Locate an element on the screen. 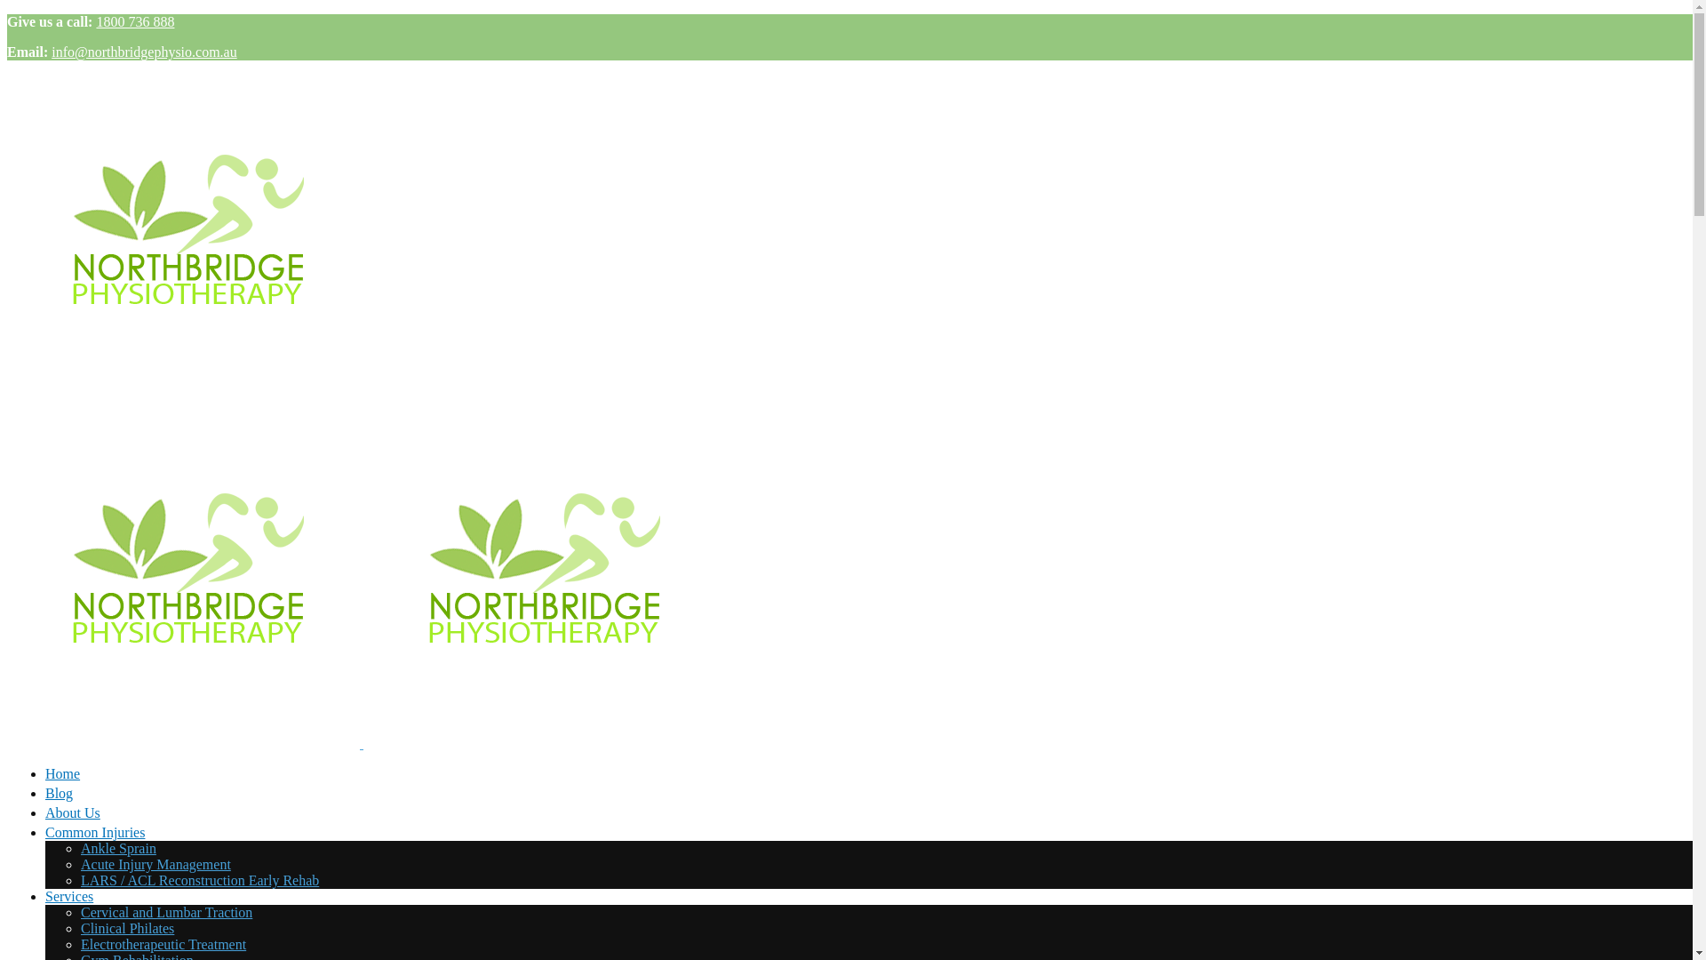 This screenshot has width=1706, height=960. 'Acute Injury Management' is located at coordinates (155, 863).